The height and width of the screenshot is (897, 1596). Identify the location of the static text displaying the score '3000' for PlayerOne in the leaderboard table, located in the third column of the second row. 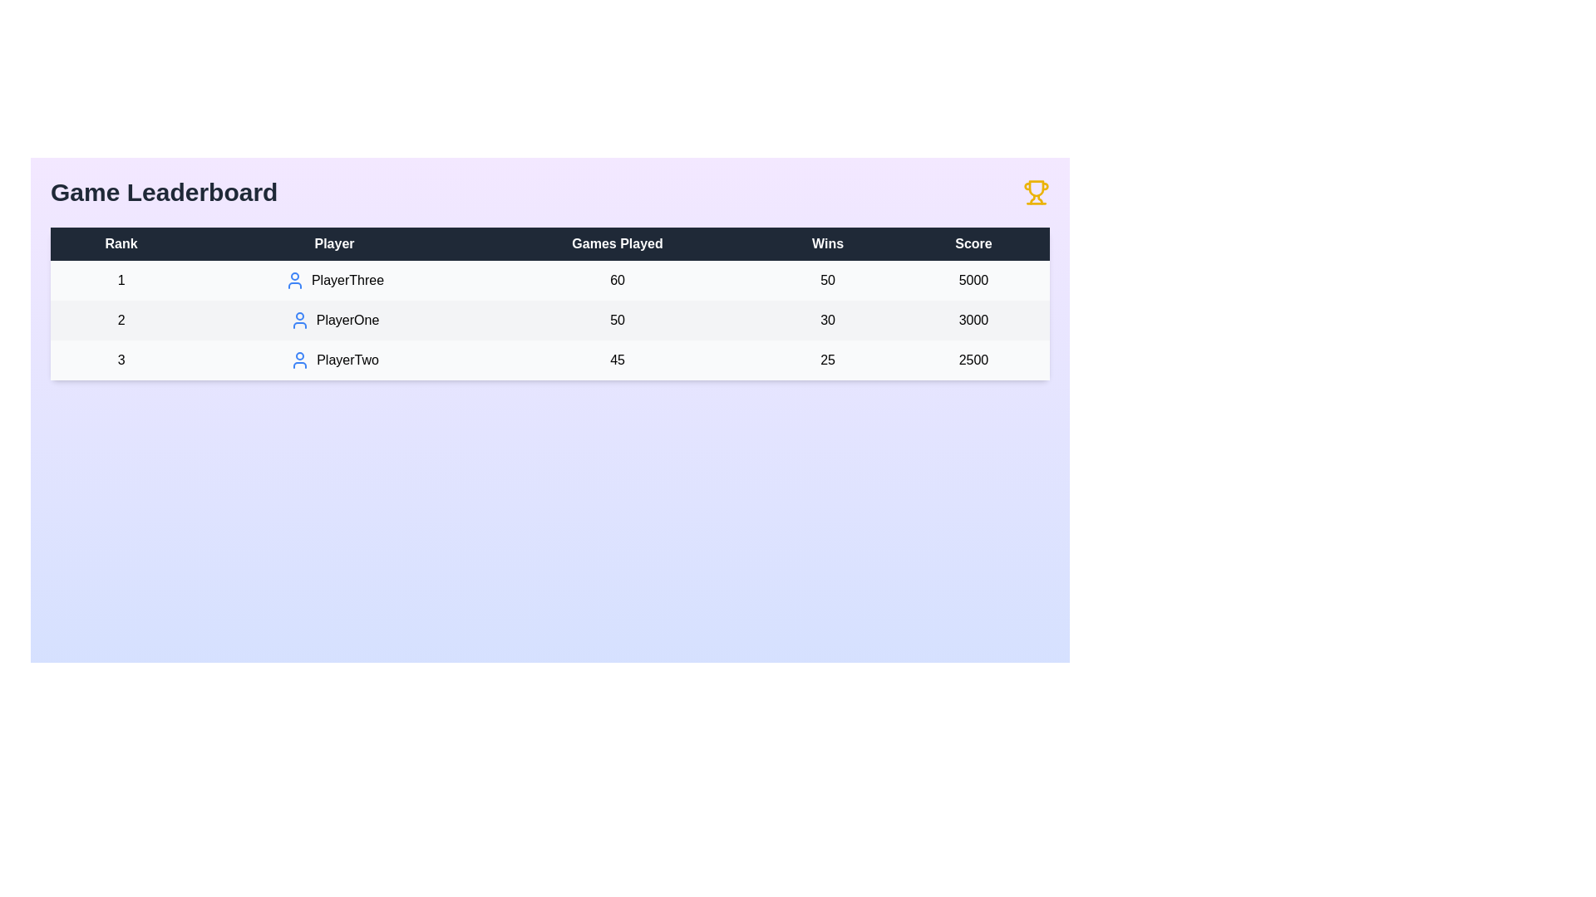
(973, 320).